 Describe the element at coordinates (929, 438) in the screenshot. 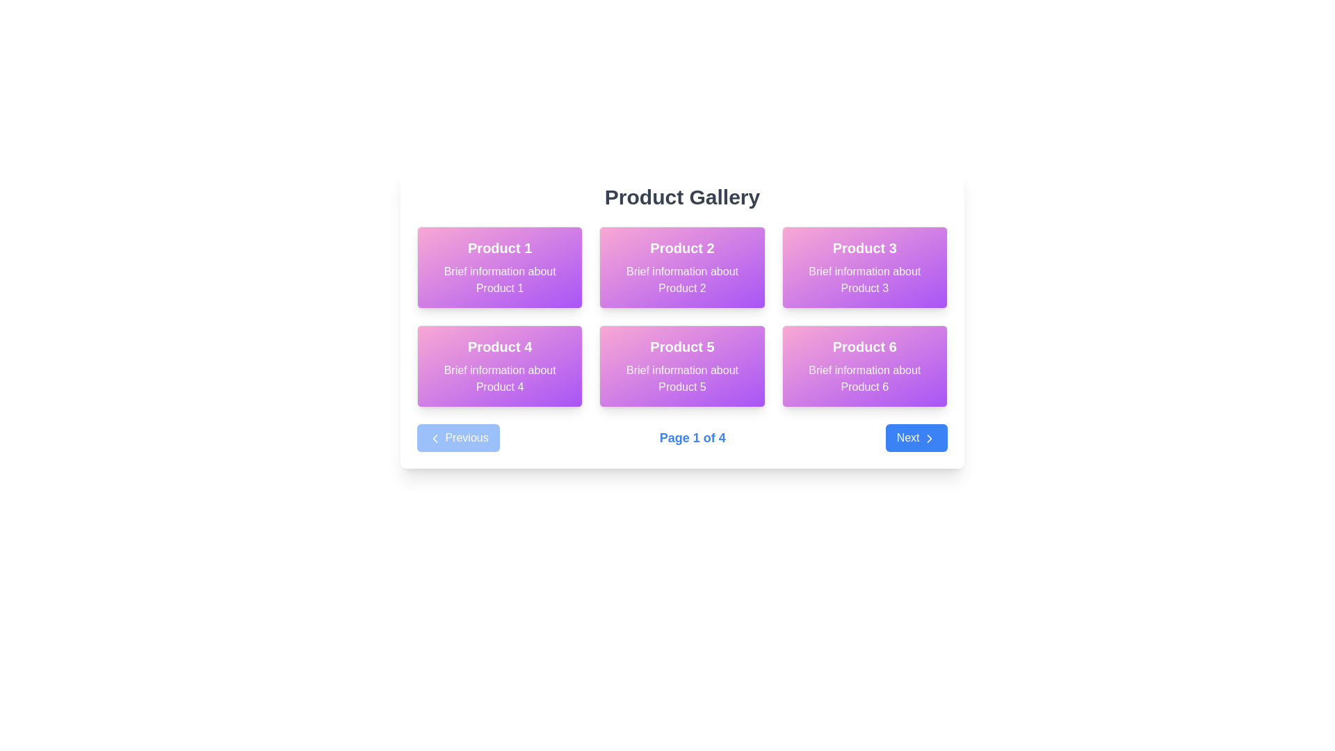

I see `the next button containing the forward icon located at the bottom-right corner of the interface` at that location.